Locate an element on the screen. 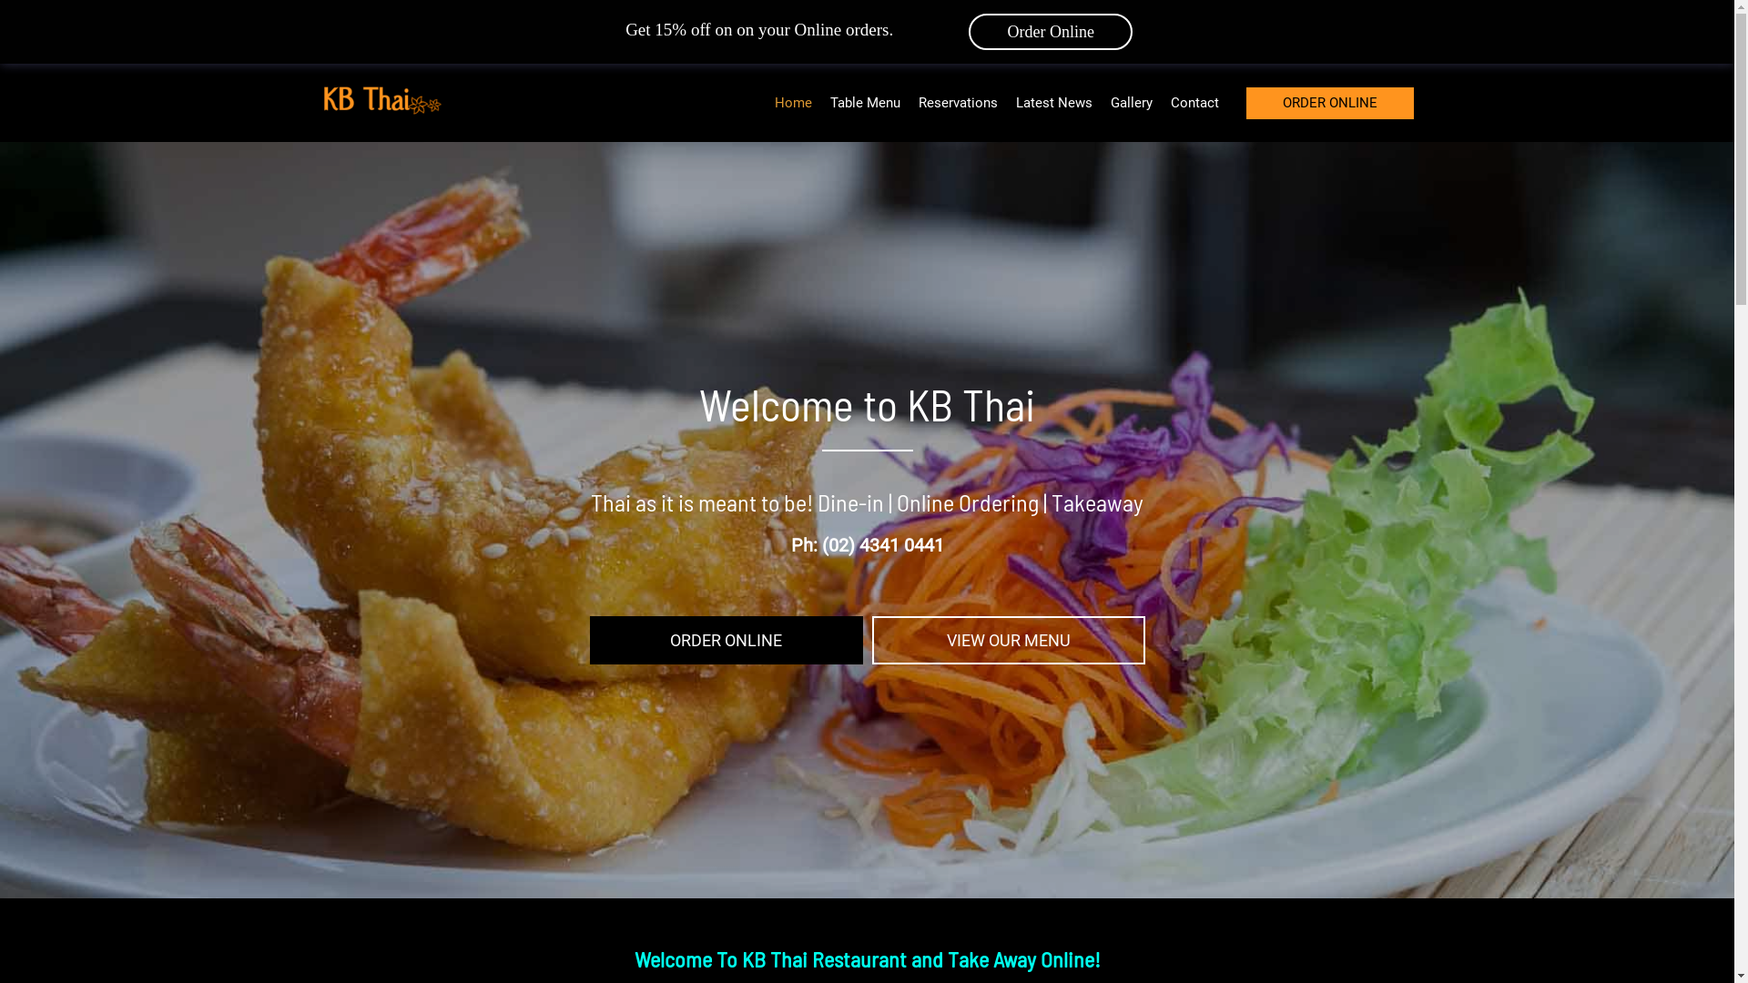  'Table Menu' is located at coordinates (864, 102).